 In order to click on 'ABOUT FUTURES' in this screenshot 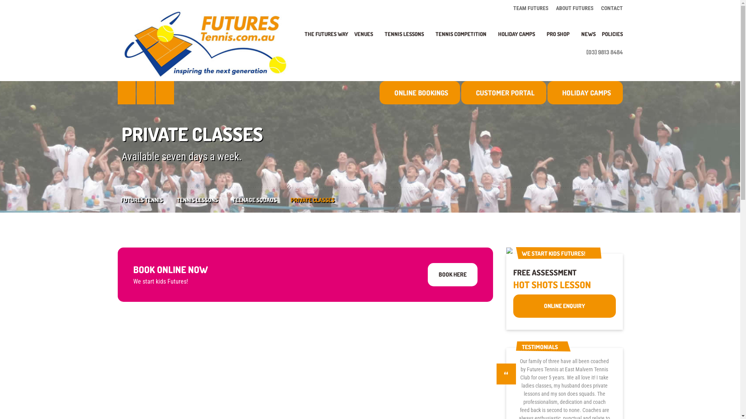, I will do `click(575, 7)`.